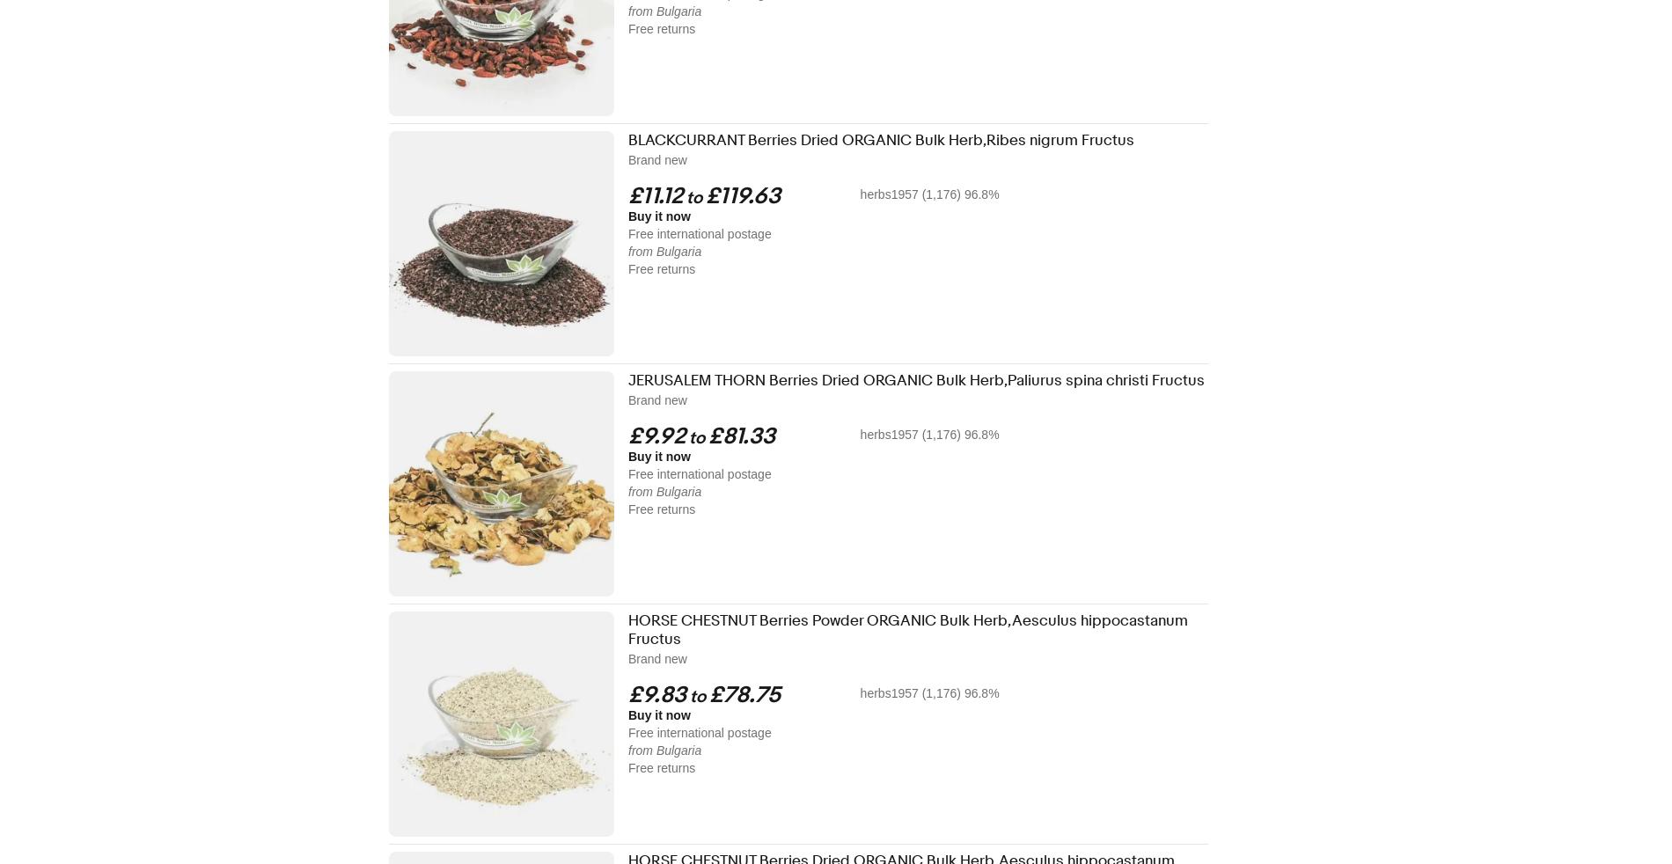 This screenshot has height=864, width=1672. Describe the element at coordinates (916, 380) in the screenshot. I see `'JERUSALEM THORN Berries Dried ORGANIC Bulk Herb,Paliurus spina christi Fructus'` at that location.